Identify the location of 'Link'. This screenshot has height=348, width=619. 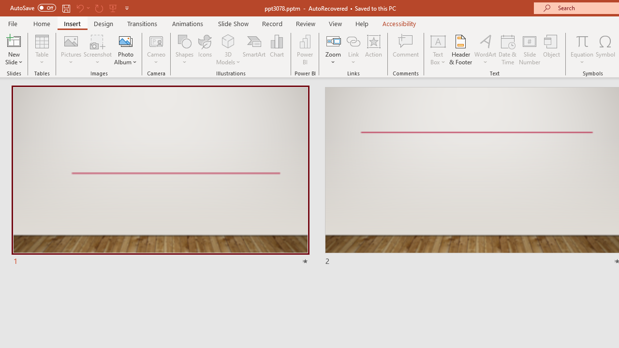
(353, 50).